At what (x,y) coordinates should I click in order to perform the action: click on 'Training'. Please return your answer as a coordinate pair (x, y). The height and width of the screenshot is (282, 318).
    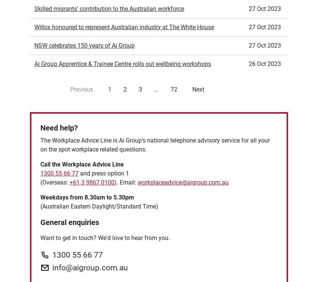
    Looking at the image, I should click on (30, 241).